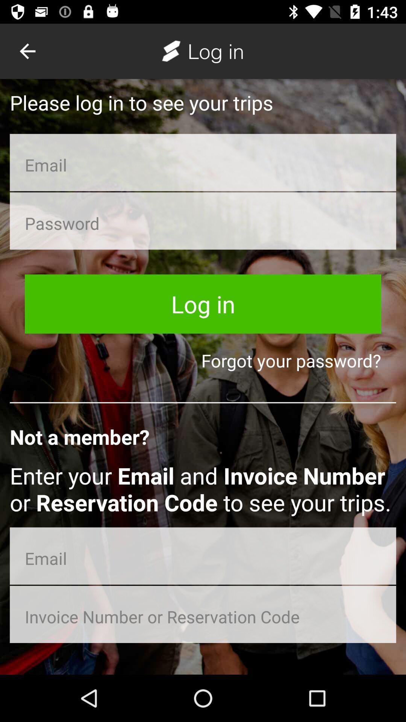 The height and width of the screenshot is (722, 406). Describe the element at coordinates (203, 162) in the screenshot. I see `email` at that location.